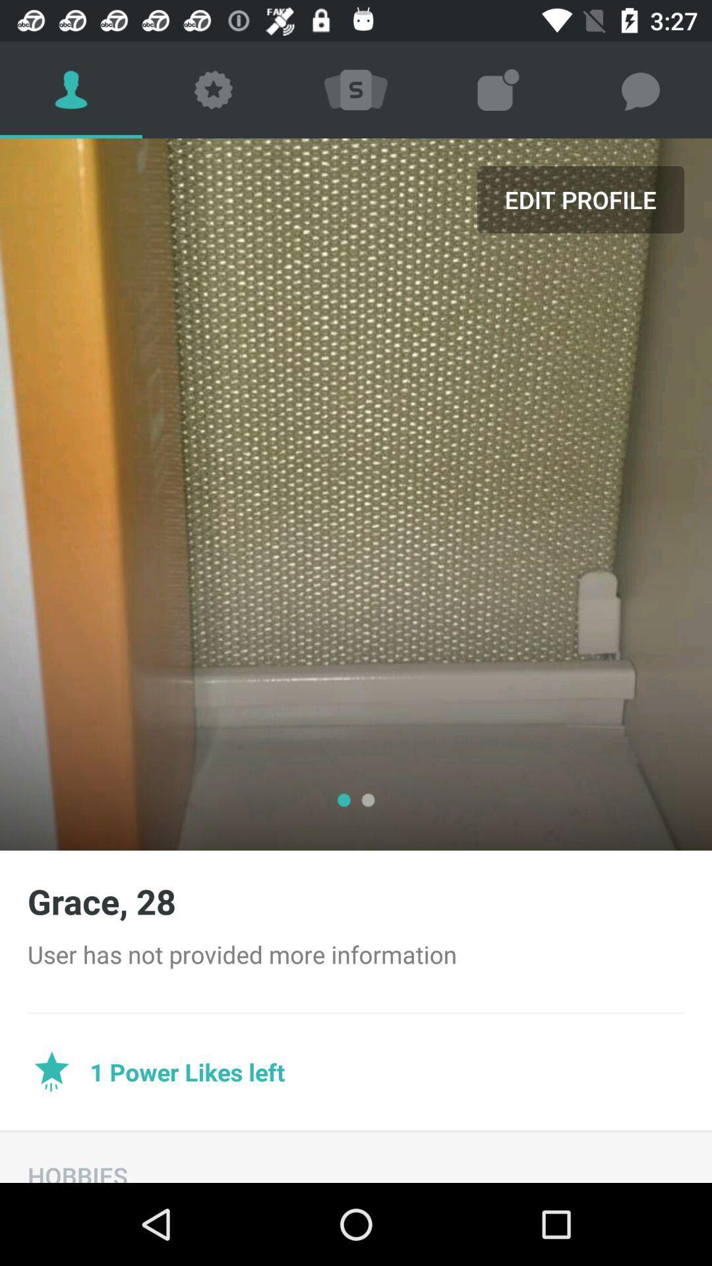 The height and width of the screenshot is (1266, 712). I want to click on the edit profile icon, so click(579, 198).